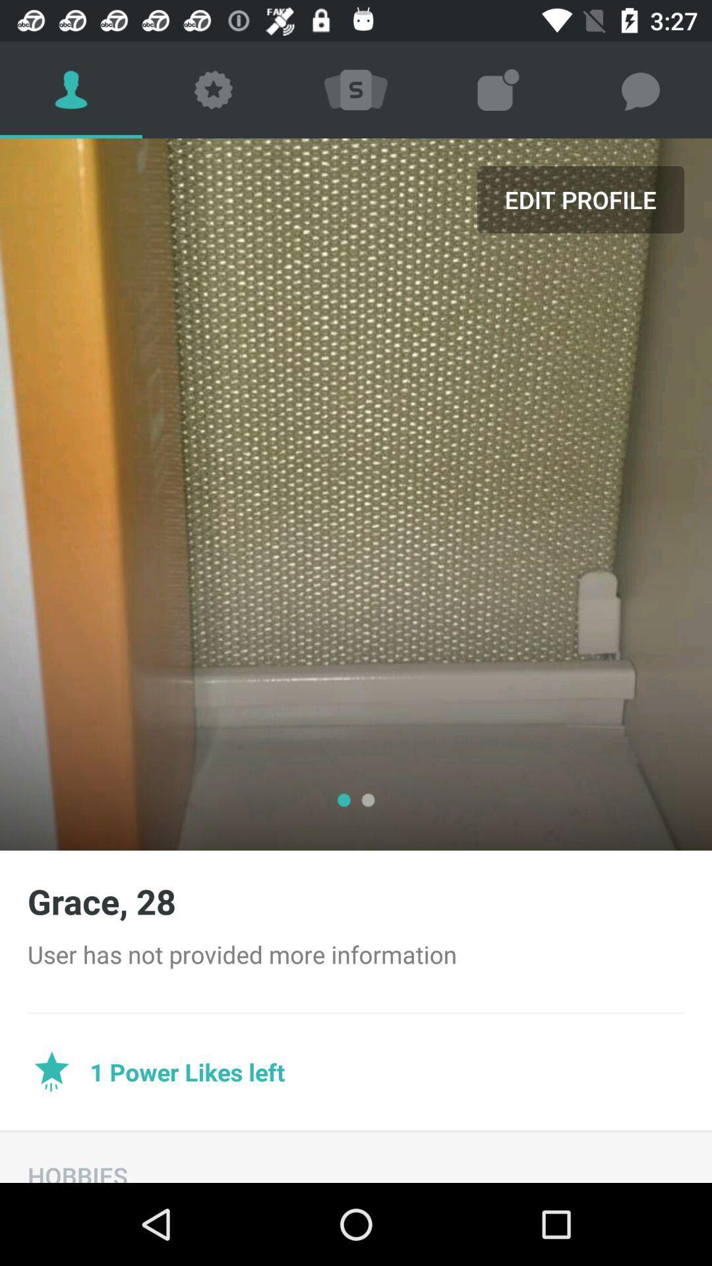 The height and width of the screenshot is (1266, 712). I want to click on the edit profile icon, so click(579, 198).